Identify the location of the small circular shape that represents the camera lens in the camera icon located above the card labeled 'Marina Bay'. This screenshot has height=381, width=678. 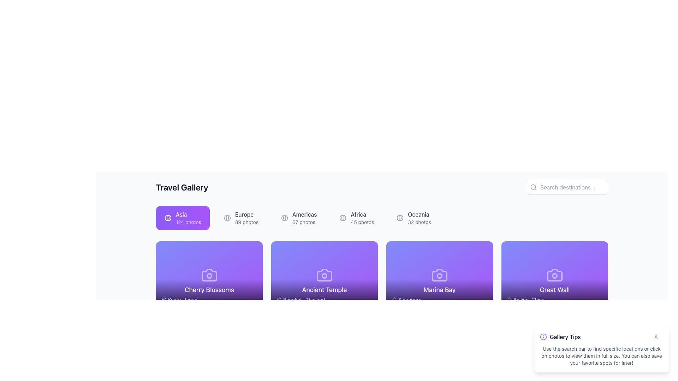
(439, 276).